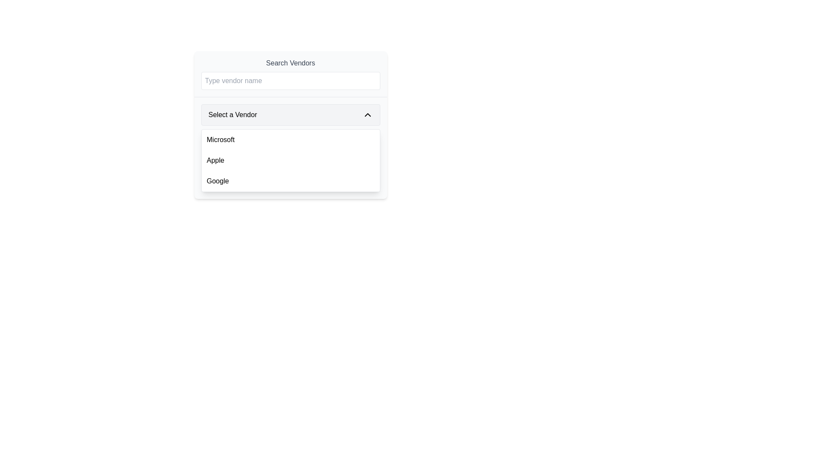 This screenshot has width=826, height=465. What do you see at coordinates (215, 161) in the screenshot?
I see `the 'Apple' text label in the dropdown menu` at bounding box center [215, 161].